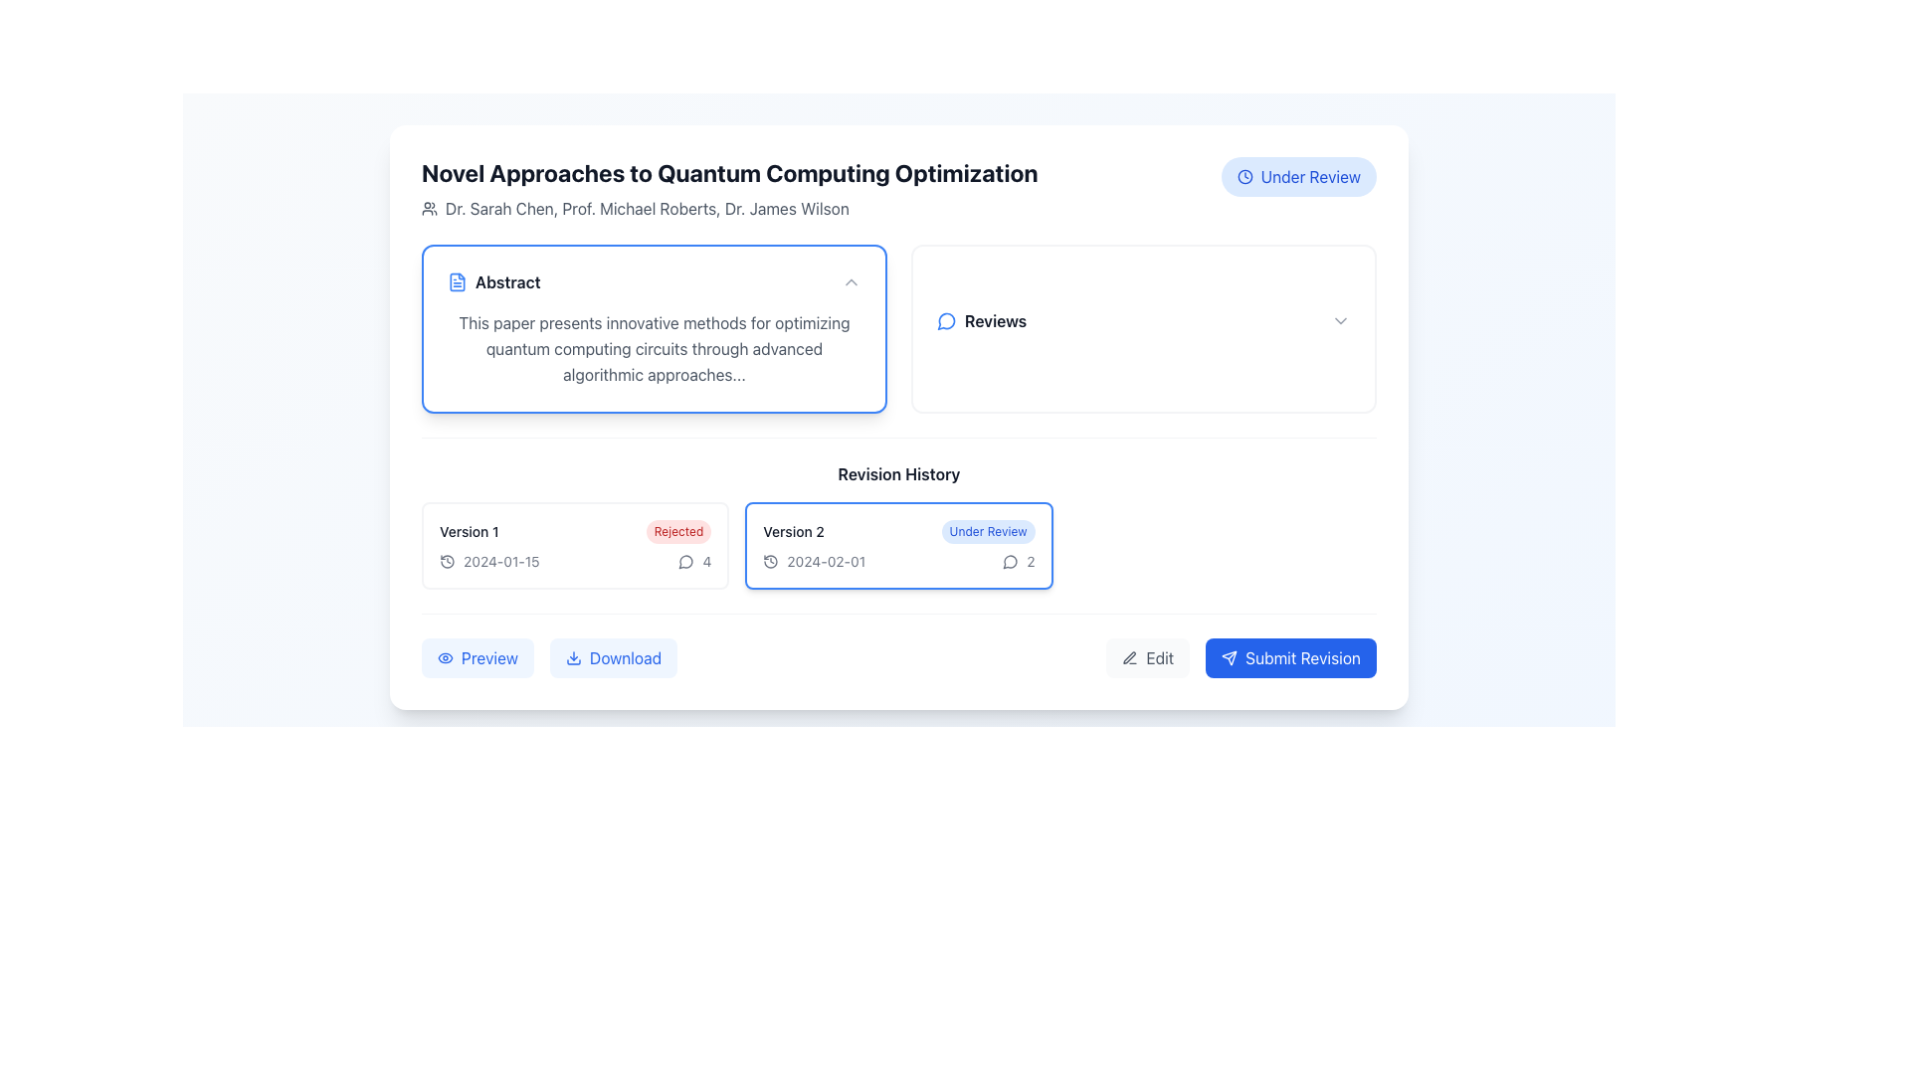 Image resolution: width=1910 pixels, height=1074 pixels. What do you see at coordinates (1011, 561) in the screenshot?
I see `the IconButton shaped like a speech bubble` at bounding box center [1011, 561].